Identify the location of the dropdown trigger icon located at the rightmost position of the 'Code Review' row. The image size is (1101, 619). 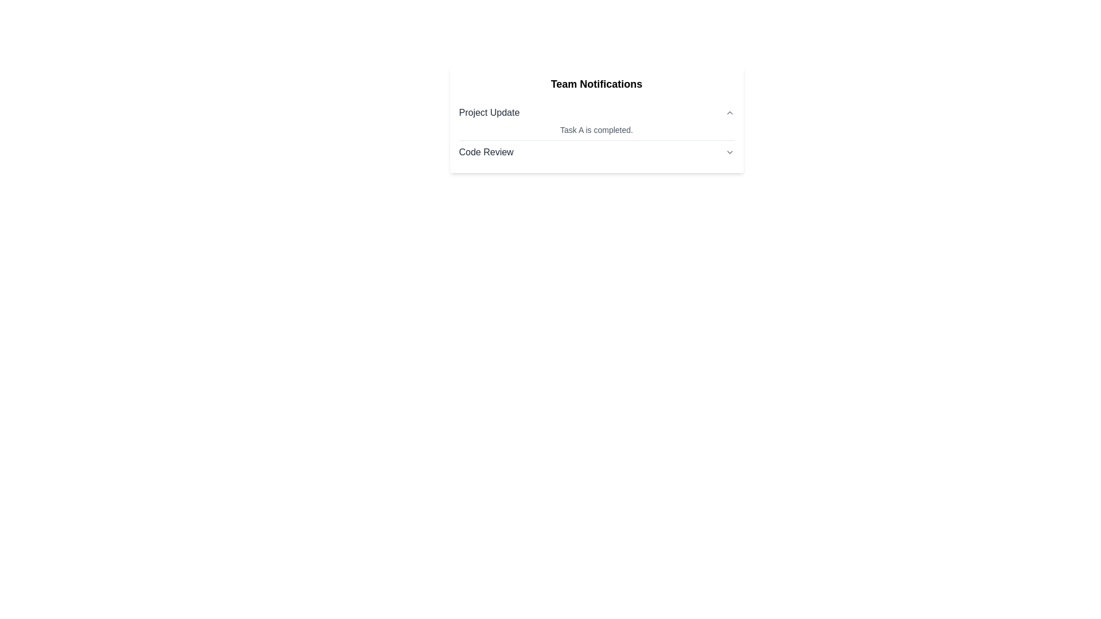
(729, 152).